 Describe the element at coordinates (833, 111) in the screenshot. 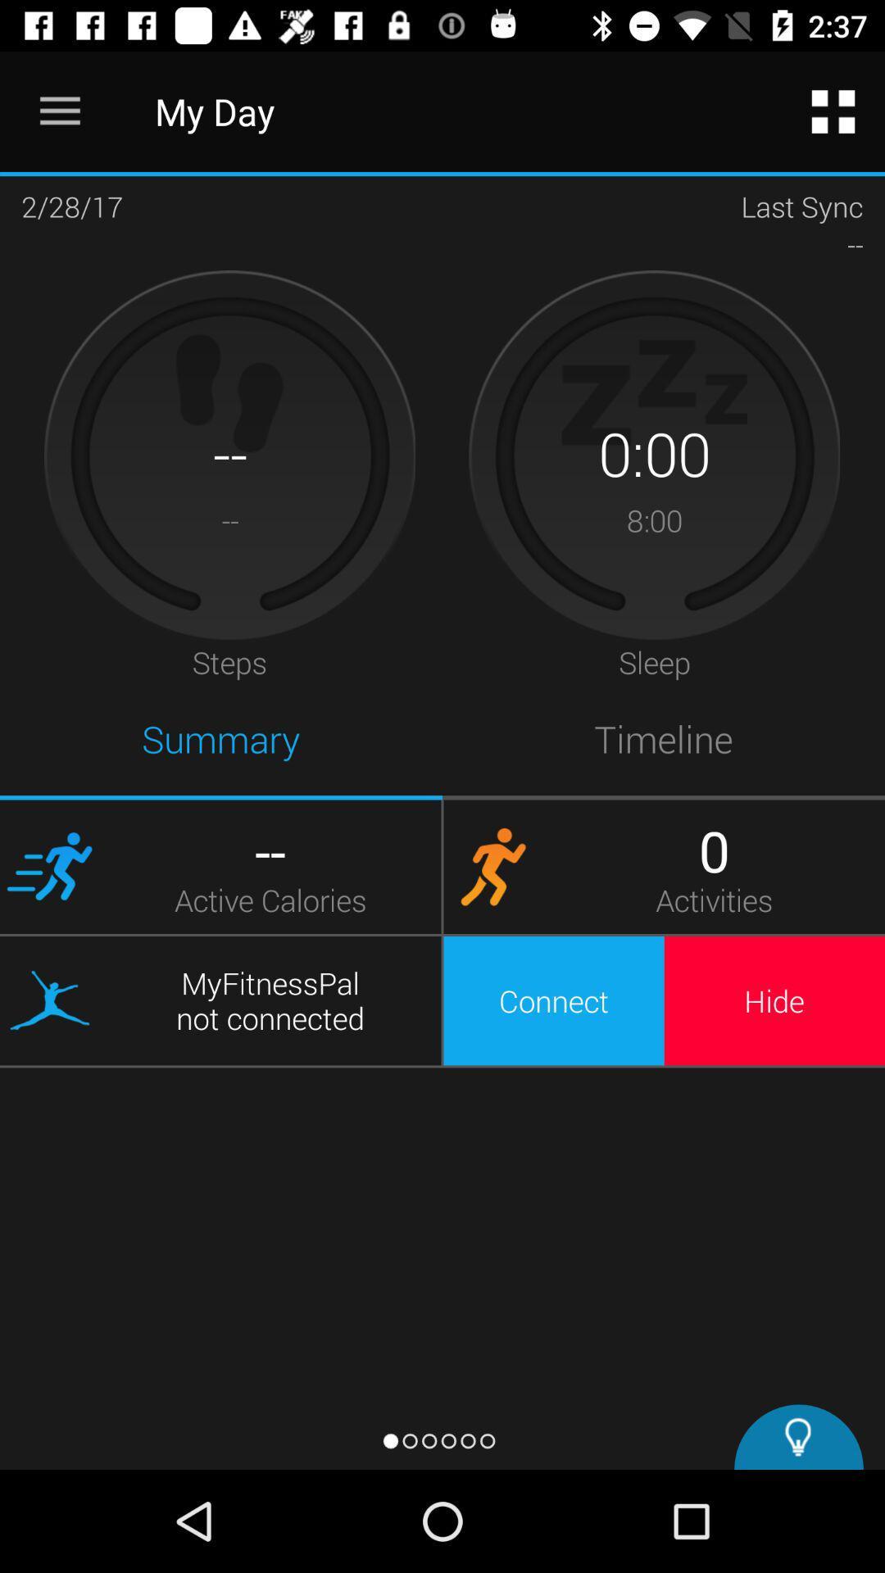

I see `item to the right of my day` at that location.